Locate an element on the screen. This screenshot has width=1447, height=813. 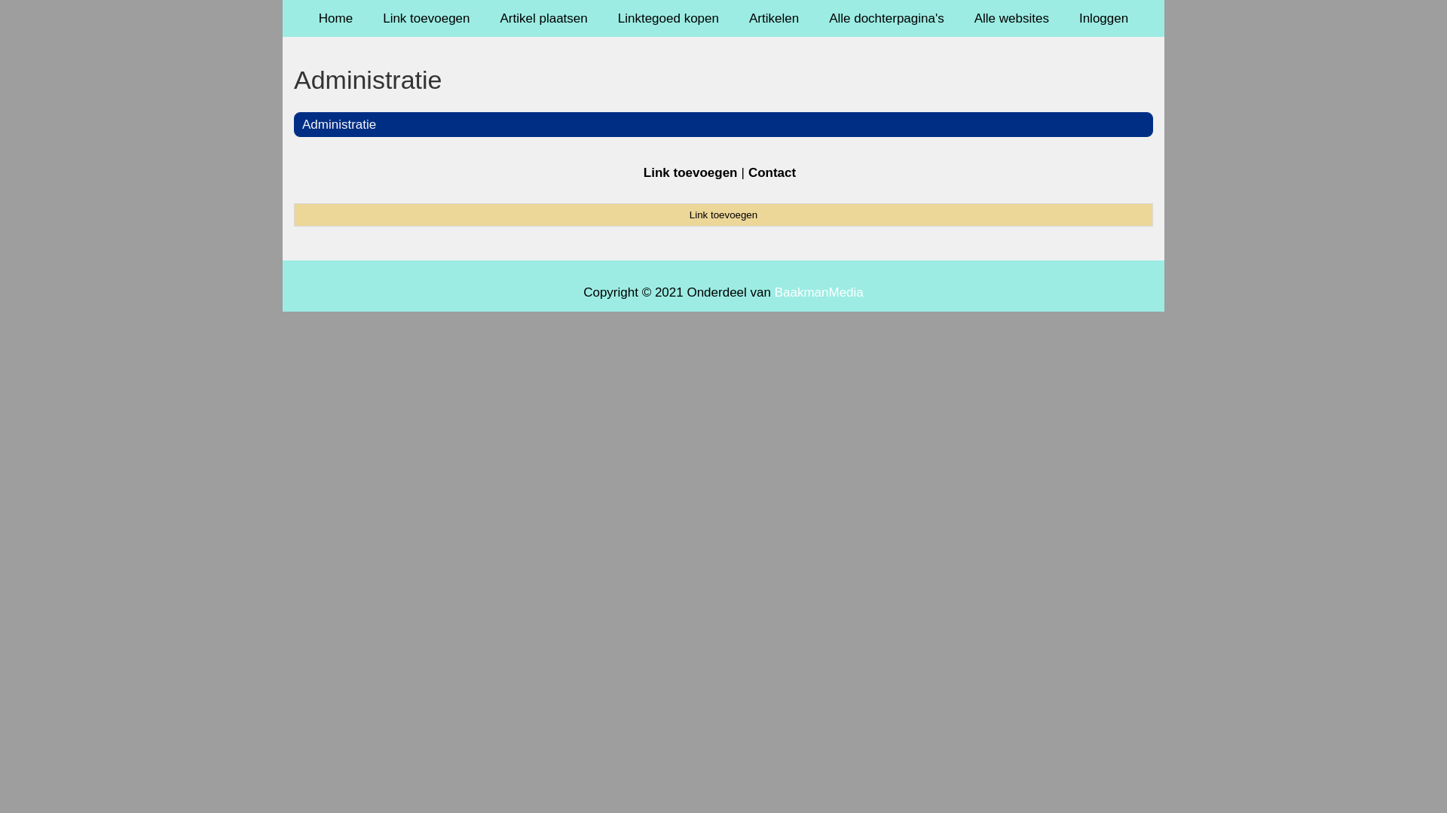
'Contact' is located at coordinates (772, 172).